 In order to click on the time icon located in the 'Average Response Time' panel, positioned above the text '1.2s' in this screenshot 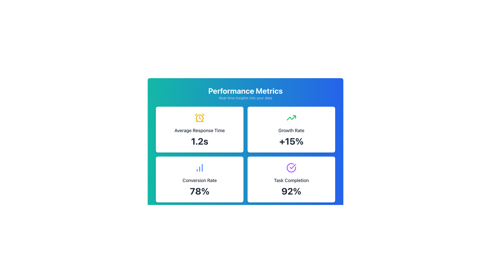, I will do `click(199, 118)`.